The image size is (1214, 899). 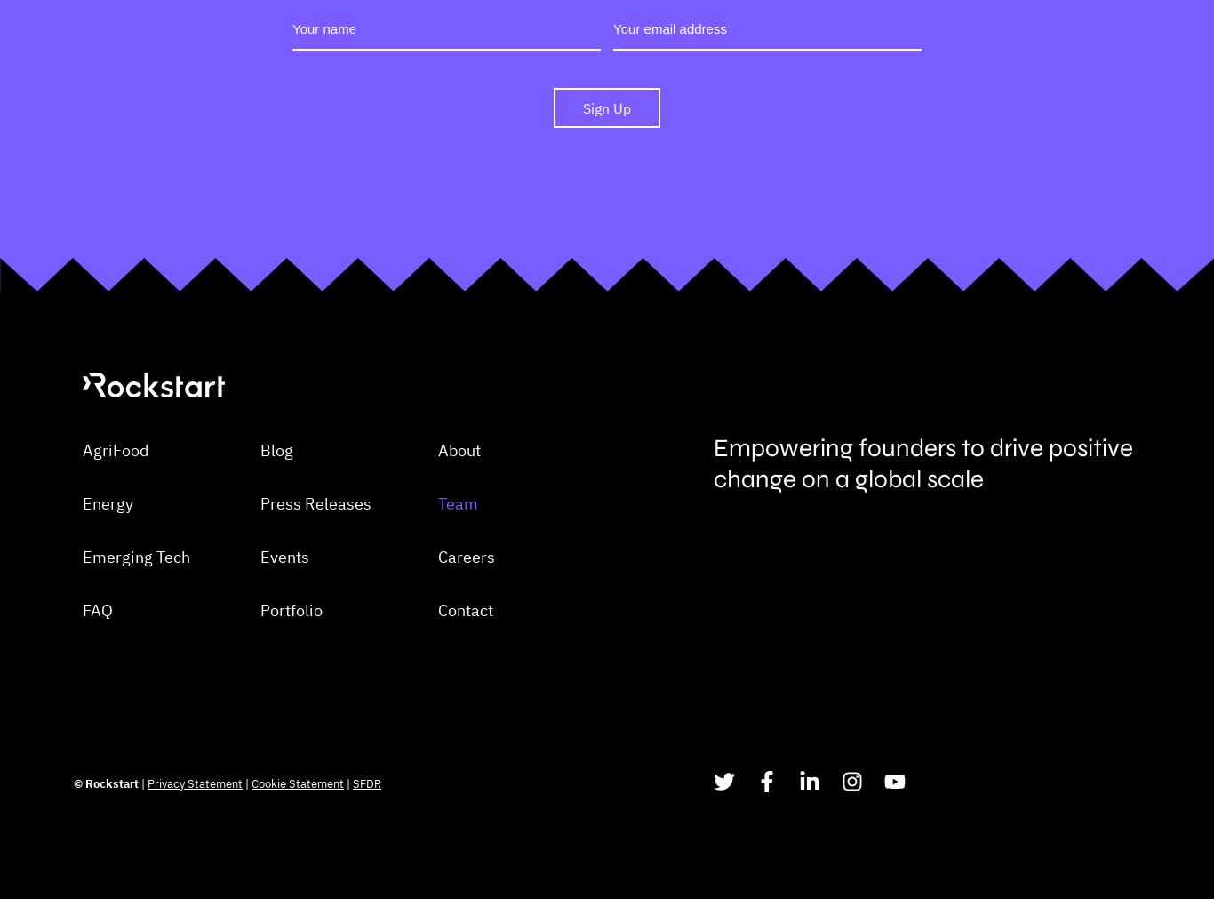 I want to click on 'About', so click(x=458, y=538).